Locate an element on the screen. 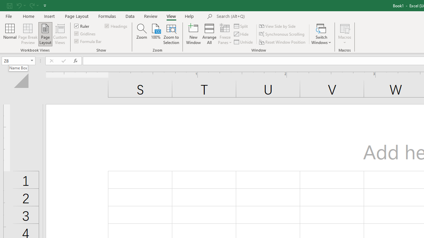  'Freeze Panes' is located at coordinates (225, 34).